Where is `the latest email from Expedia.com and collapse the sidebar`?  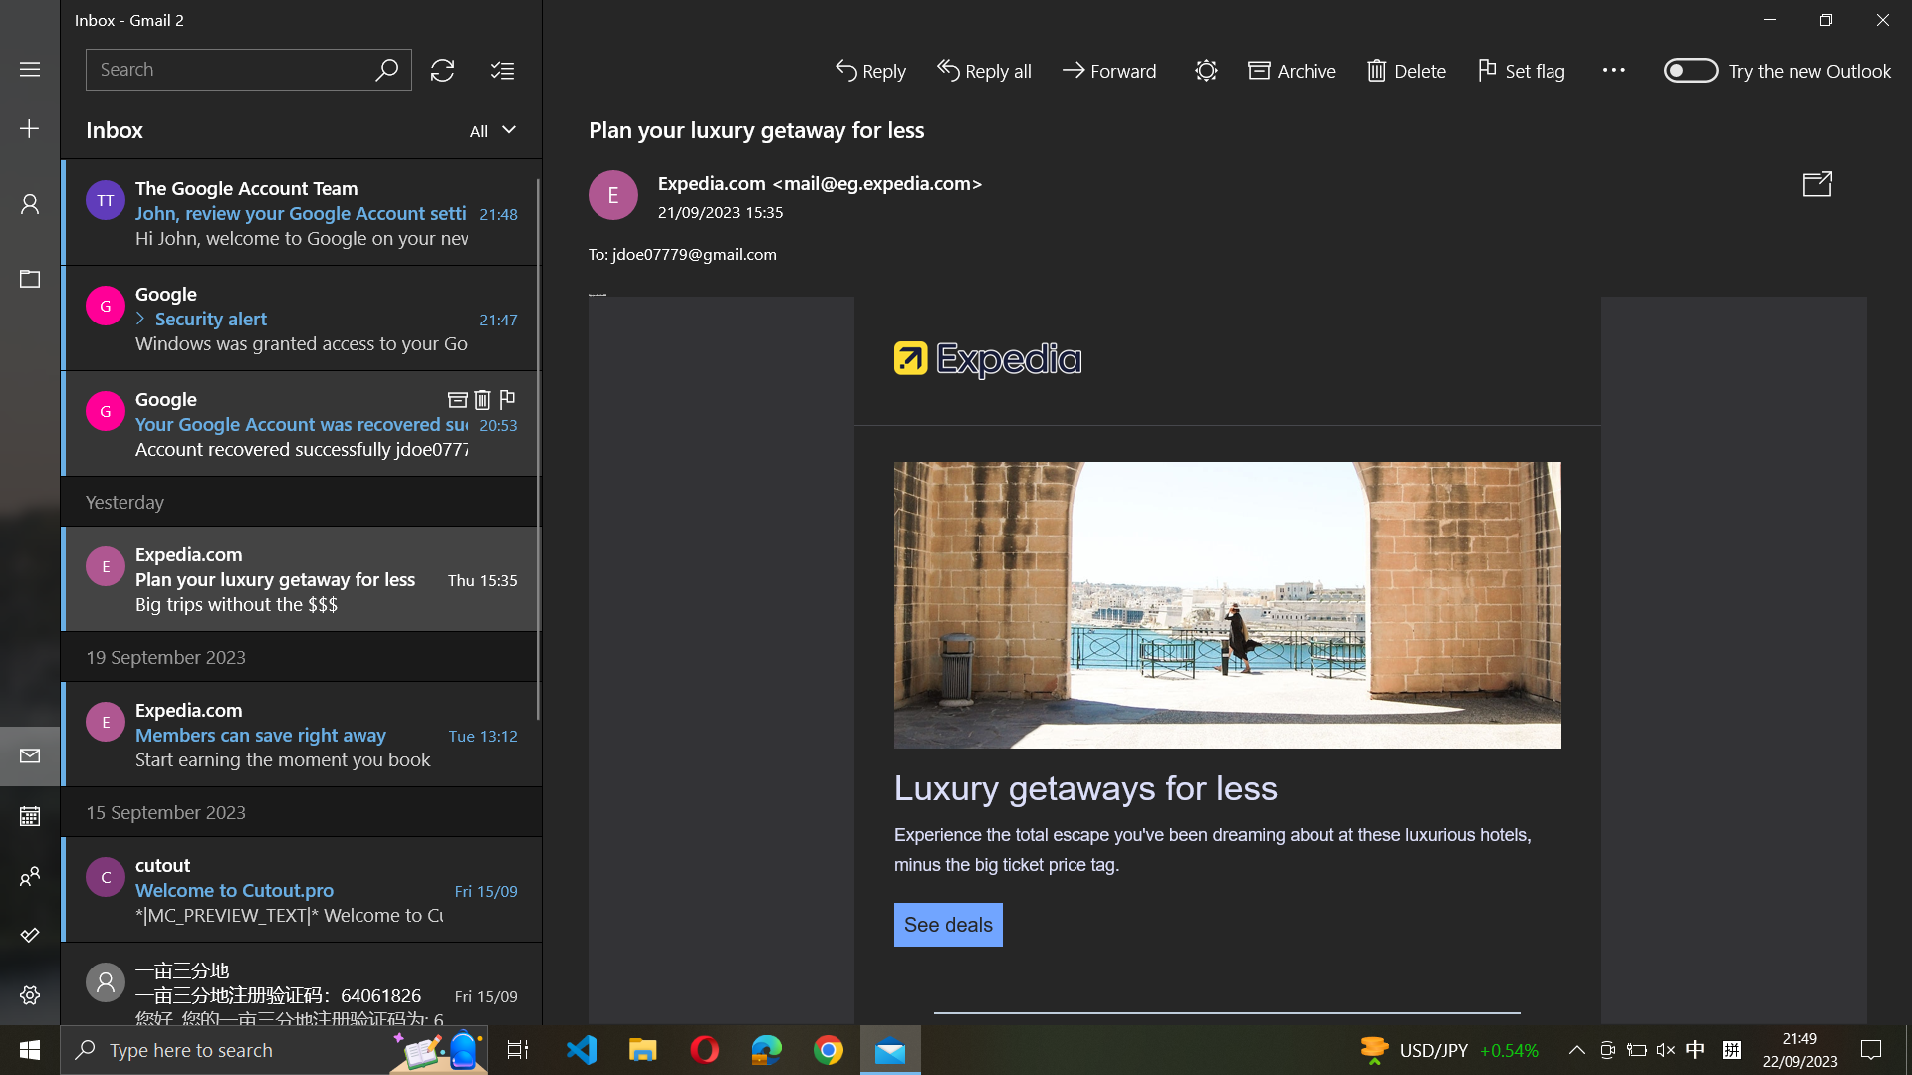
the latest email from Expedia.com and collapse the sidebar is located at coordinates (299, 576).